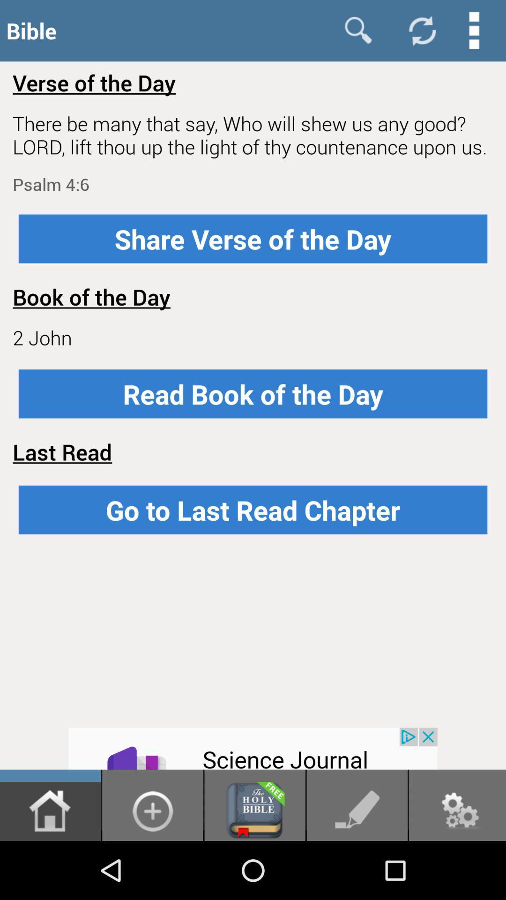 The image size is (506, 900). Describe the element at coordinates (457, 868) in the screenshot. I see `the settings icon` at that location.